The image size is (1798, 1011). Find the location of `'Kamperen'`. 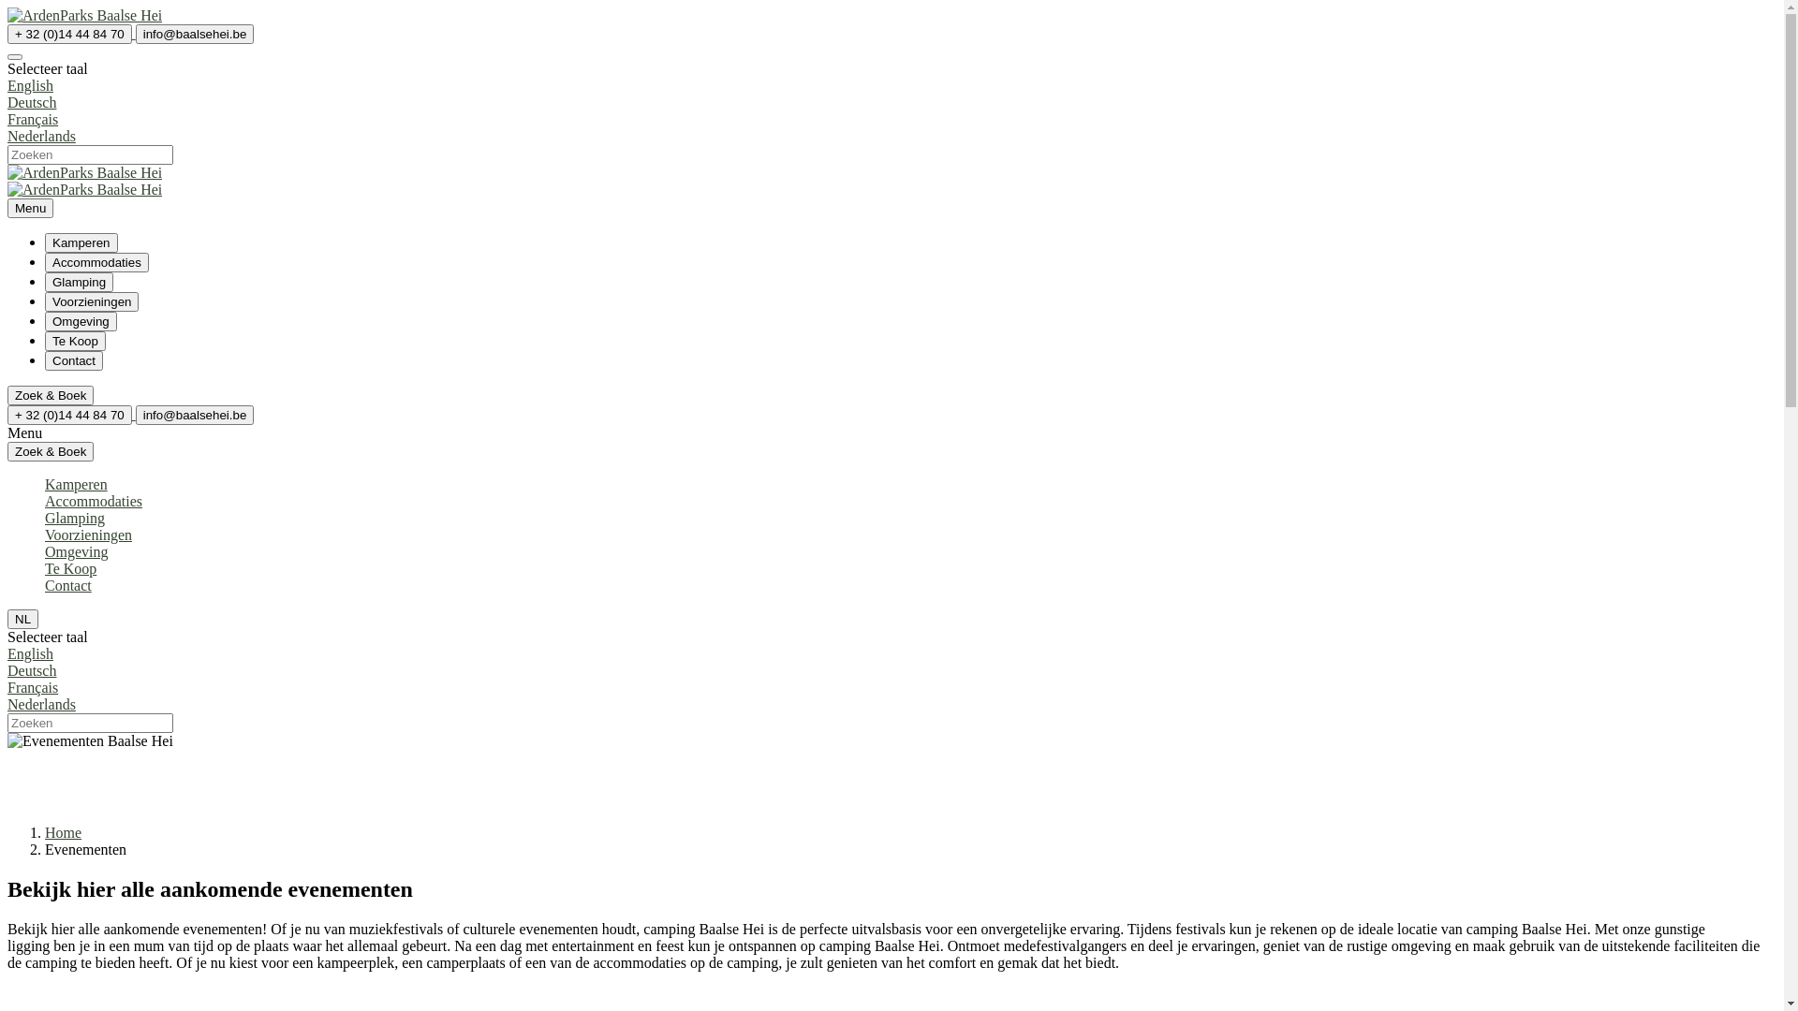

'Kamperen' is located at coordinates (75, 483).